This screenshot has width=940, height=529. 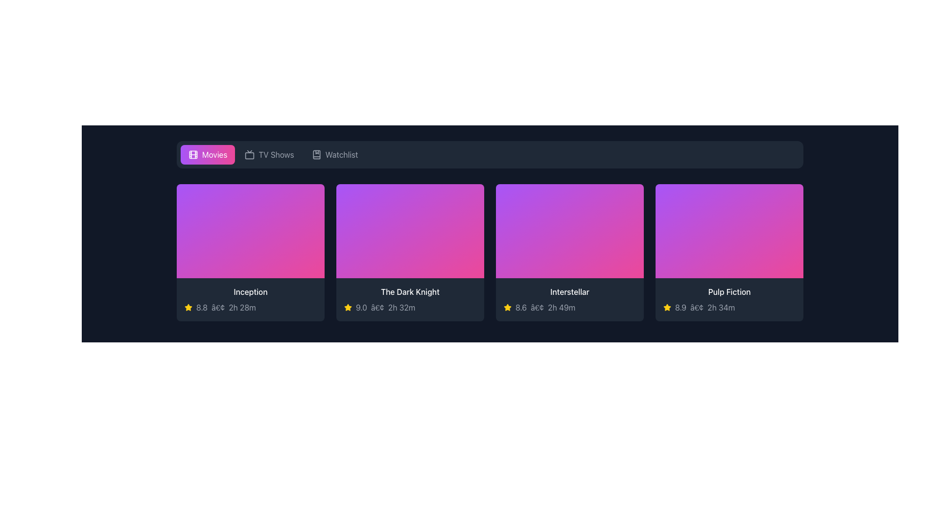 What do you see at coordinates (251, 299) in the screenshot?
I see `text displayed for the movie title 'Inception' with details '8.8 • 2h 28m' and a star icon in yellow, located in the bottom center of the first movie card in a horizontal list` at bounding box center [251, 299].